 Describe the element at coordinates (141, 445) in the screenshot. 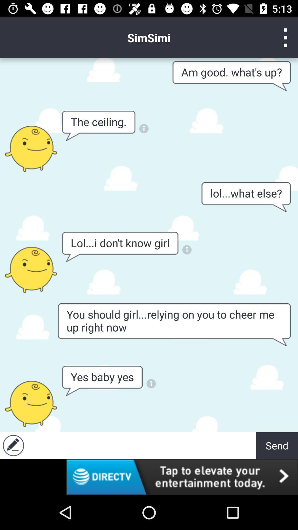

I see `to the plain text` at that location.